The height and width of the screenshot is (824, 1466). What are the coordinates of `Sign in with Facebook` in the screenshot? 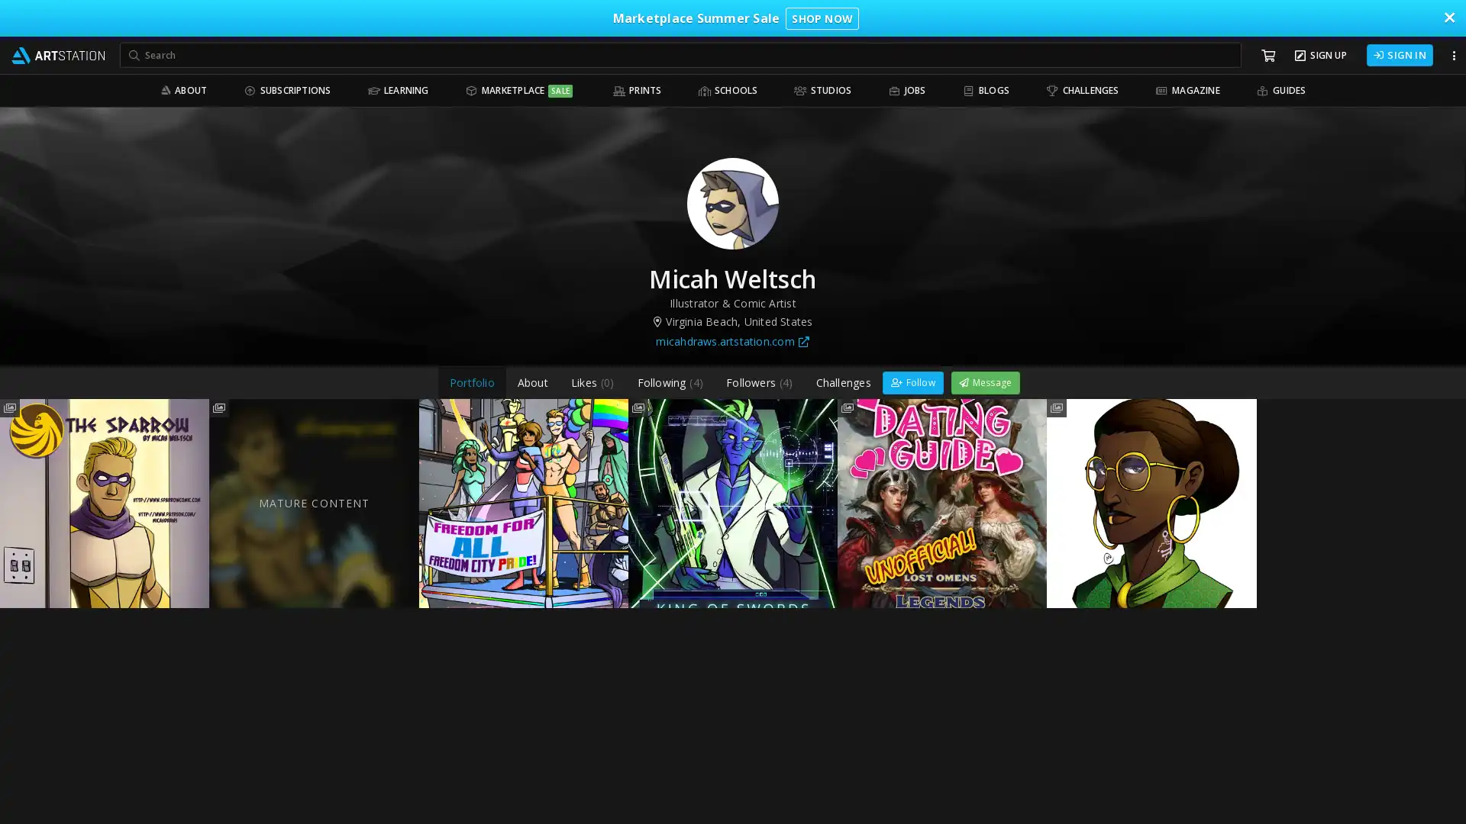 It's located at (837, 16).